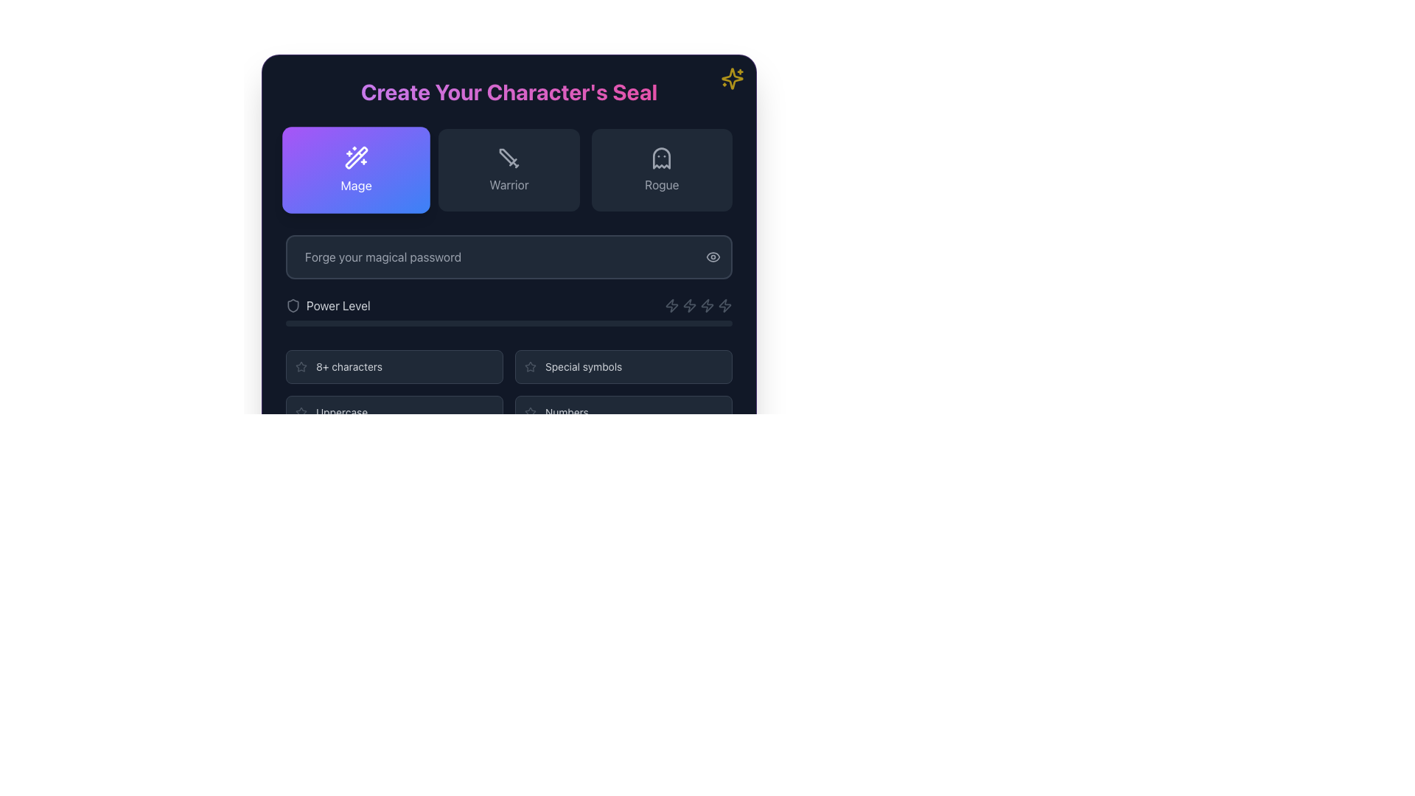 Image resolution: width=1415 pixels, height=796 pixels. I want to click on the lightning bolt icon, which is a simple line art graphic in gray, located in the lower right portion of the interface among three similar icons, so click(689, 305).